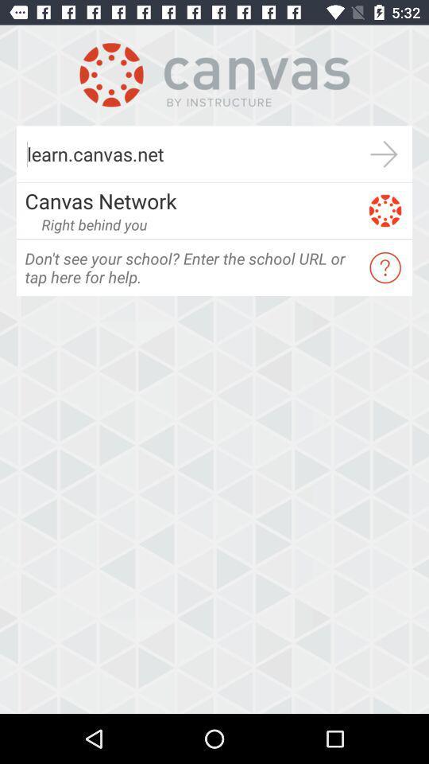 Image resolution: width=429 pixels, height=764 pixels. What do you see at coordinates (383, 154) in the screenshot?
I see `the arrow_forward icon` at bounding box center [383, 154].